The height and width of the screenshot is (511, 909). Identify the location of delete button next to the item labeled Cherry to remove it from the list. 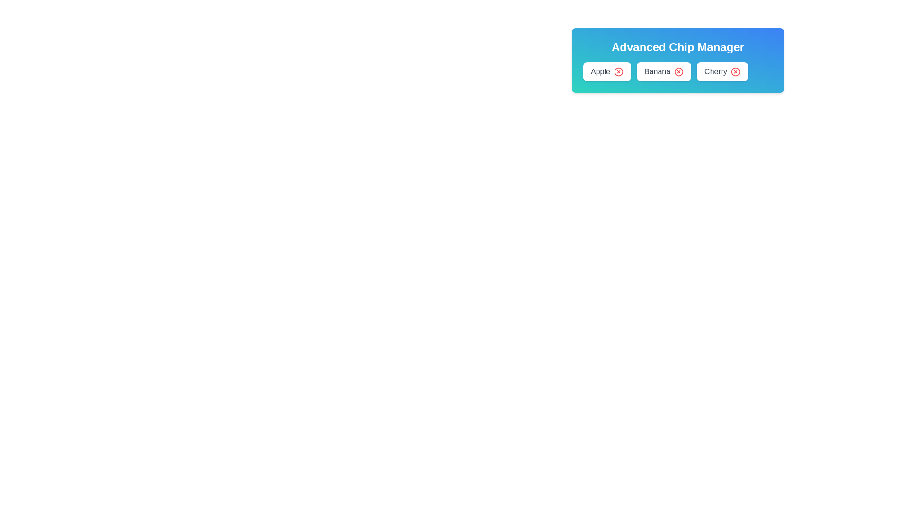
(735, 71).